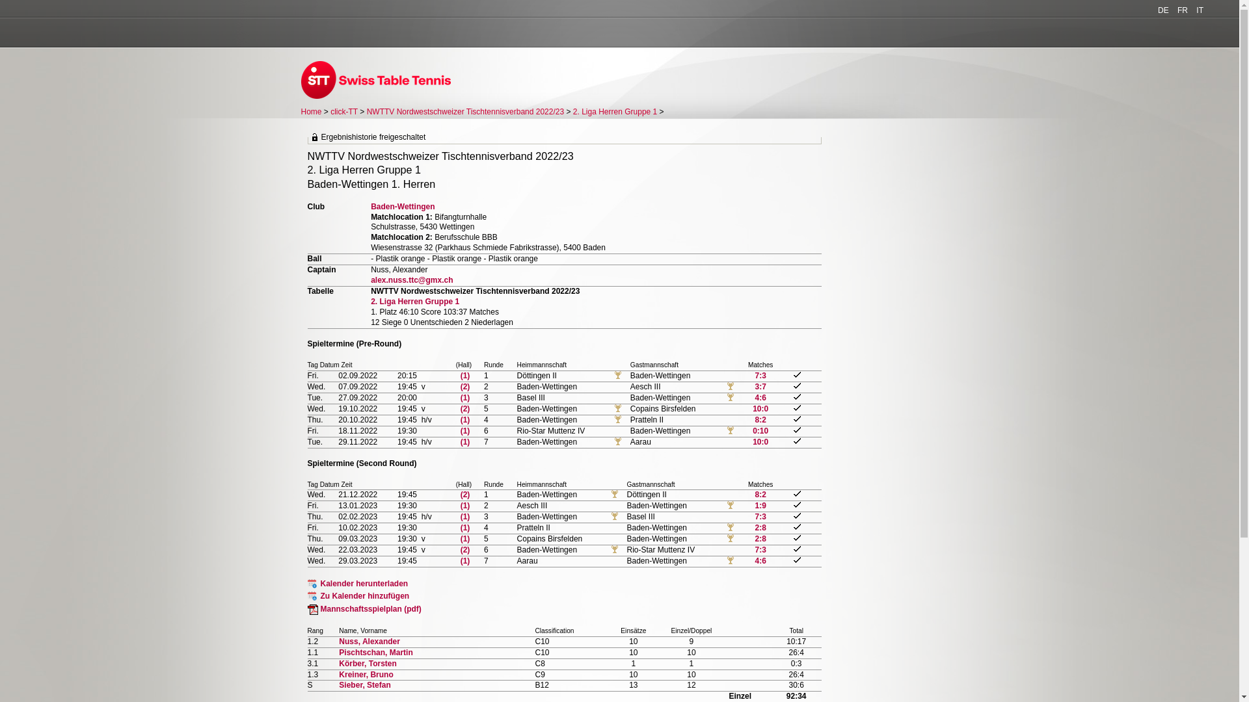  Describe the element at coordinates (731, 528) in the screenshot. I see `'Victory'` at that location.